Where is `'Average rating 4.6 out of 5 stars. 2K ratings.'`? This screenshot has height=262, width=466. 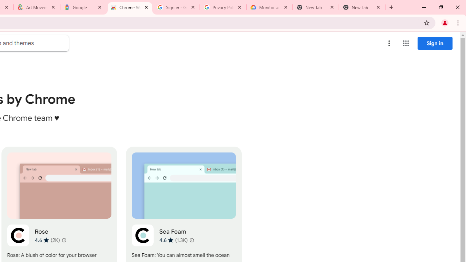 'Average rating 4.6 out of 5 stars. 2K ratings.' is located at coordinates (47, 240).